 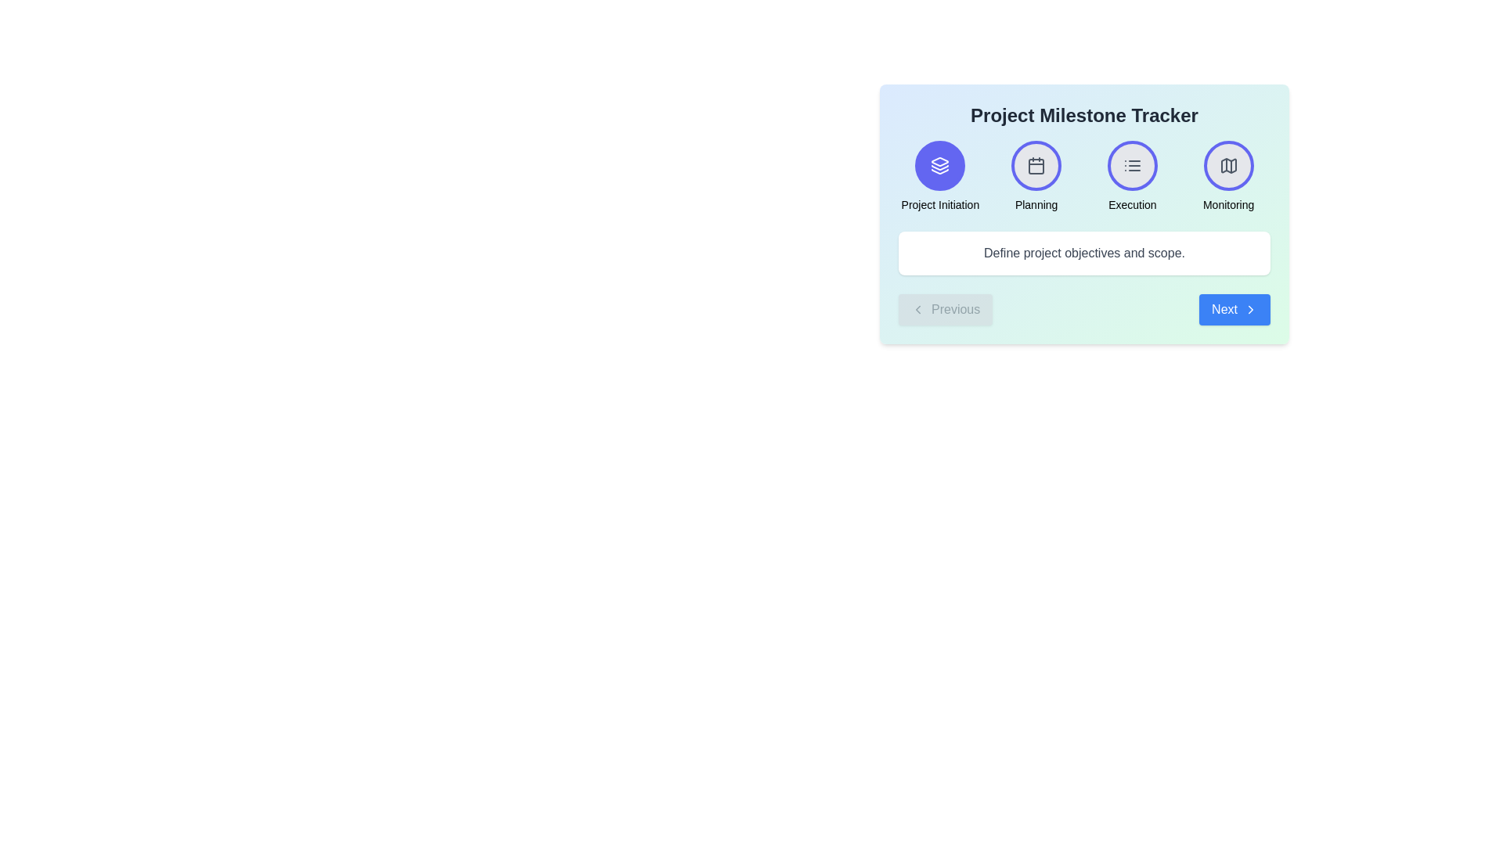 What do you see at coordinates (1227, 166) in the screenshot?
I see `the 'Monitoring' SVG Graphic Icon in the Project Milestone Tracker interface` at bounding box center [1227, 166].